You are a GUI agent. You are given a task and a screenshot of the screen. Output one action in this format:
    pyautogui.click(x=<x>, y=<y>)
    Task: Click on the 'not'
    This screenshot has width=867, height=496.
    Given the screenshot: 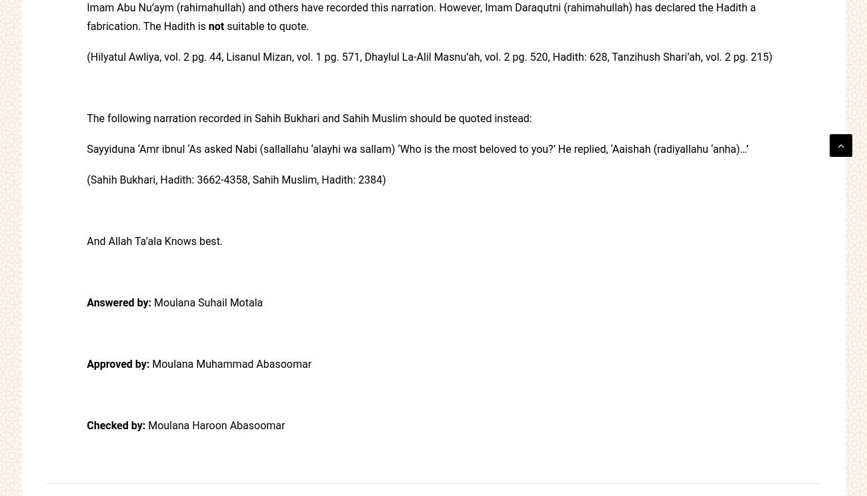 What is the action you would take?
    pyautogui.click(x=215, y=26)
    